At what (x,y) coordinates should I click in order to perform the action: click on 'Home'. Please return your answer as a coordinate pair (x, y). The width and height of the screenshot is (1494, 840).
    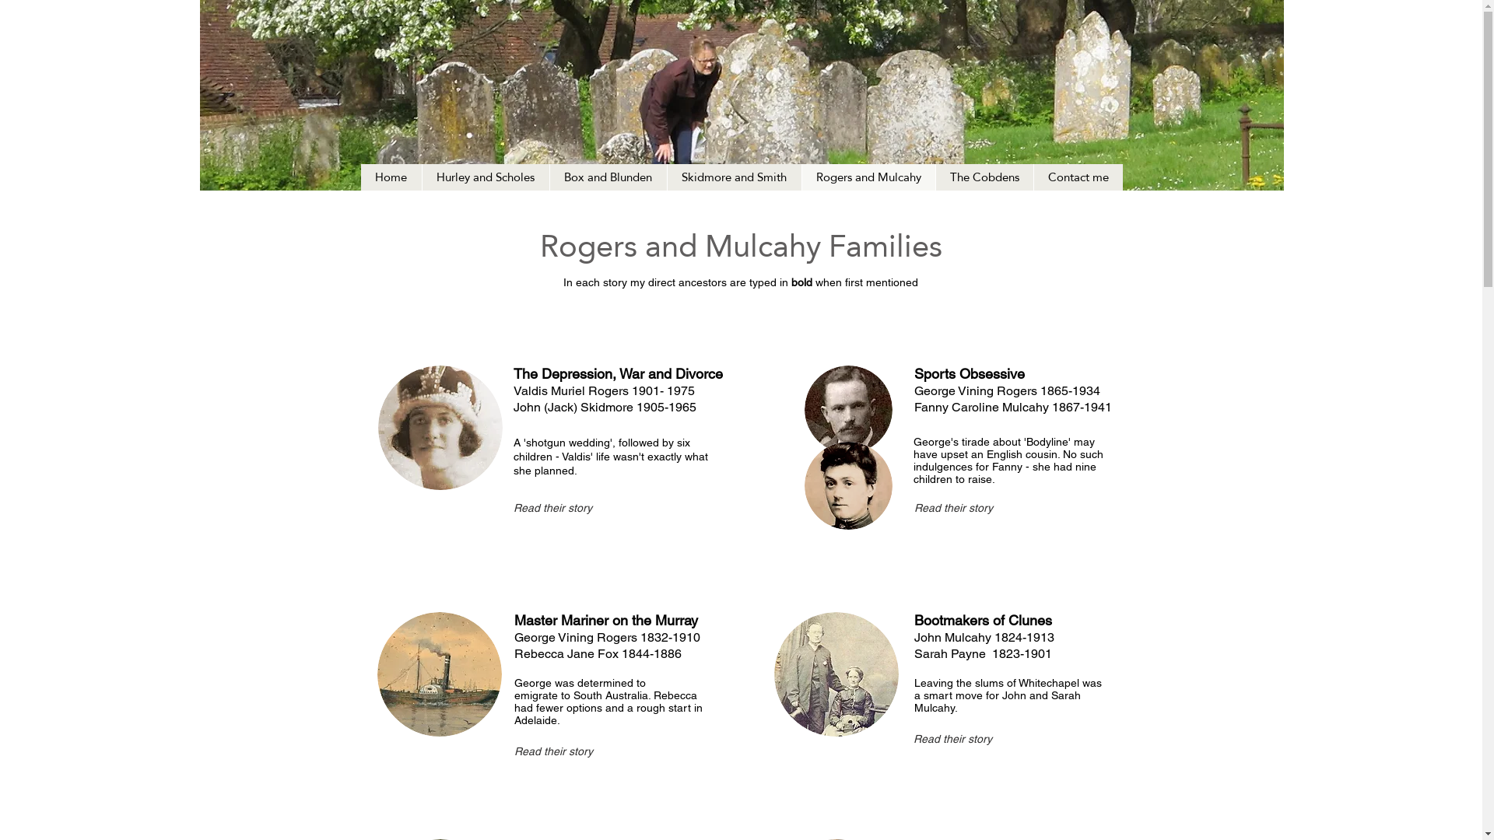
    Looking at the image, I should click on (360, 176).